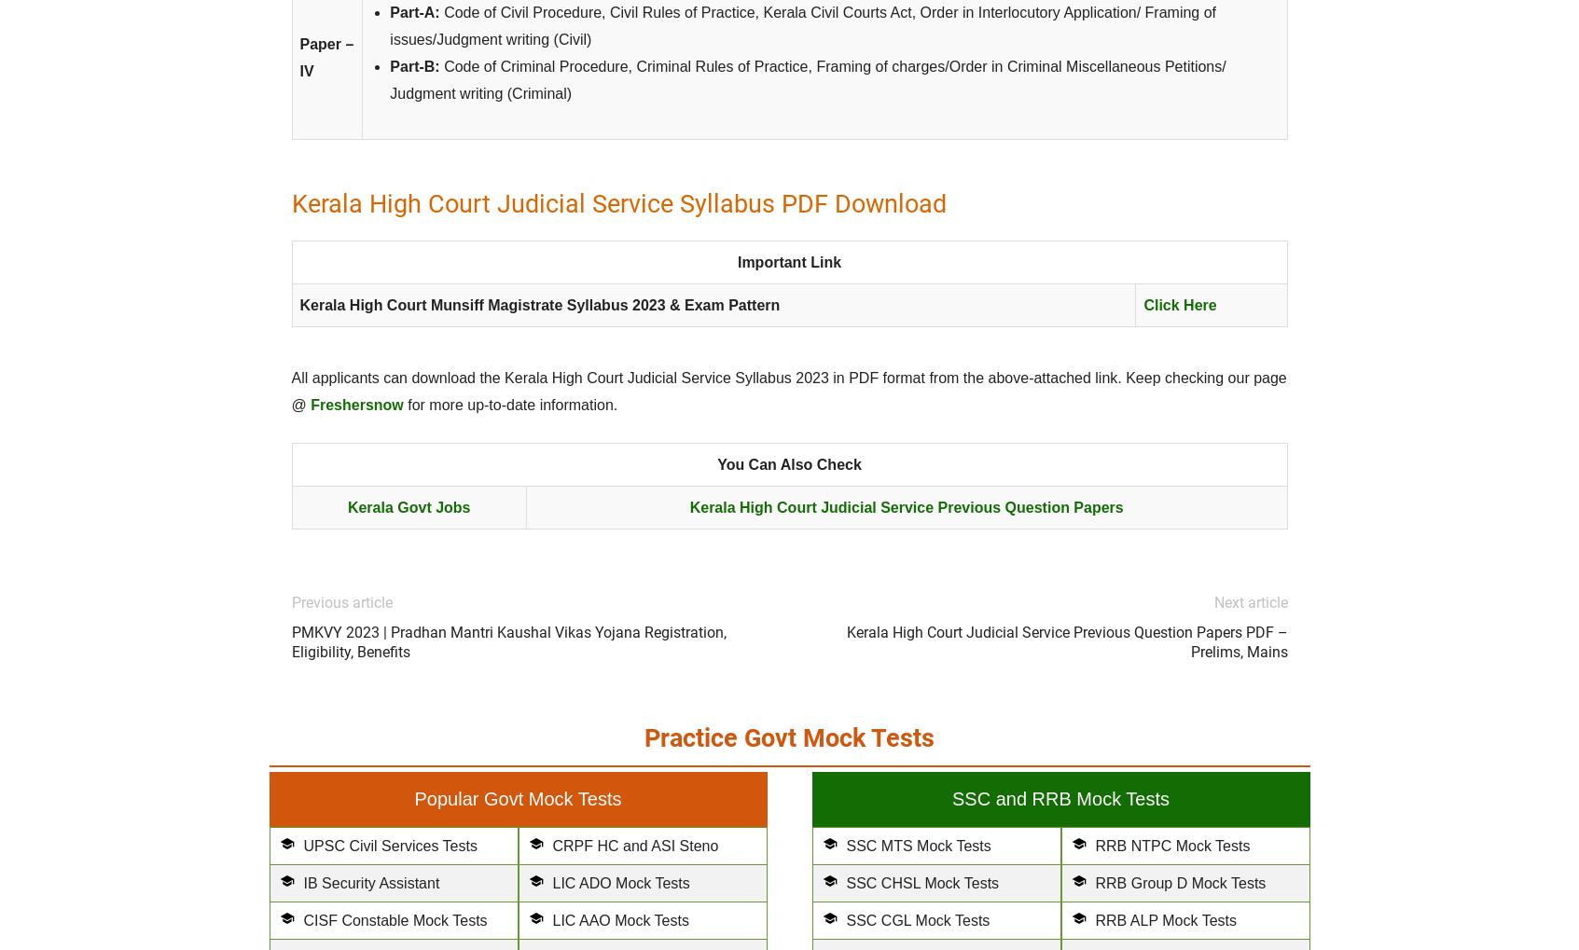 This screenshot has height=950, width=1579. Describe the element at coordinates (413, 11) in the screenshot. I see `'Part-A:'` at that location.